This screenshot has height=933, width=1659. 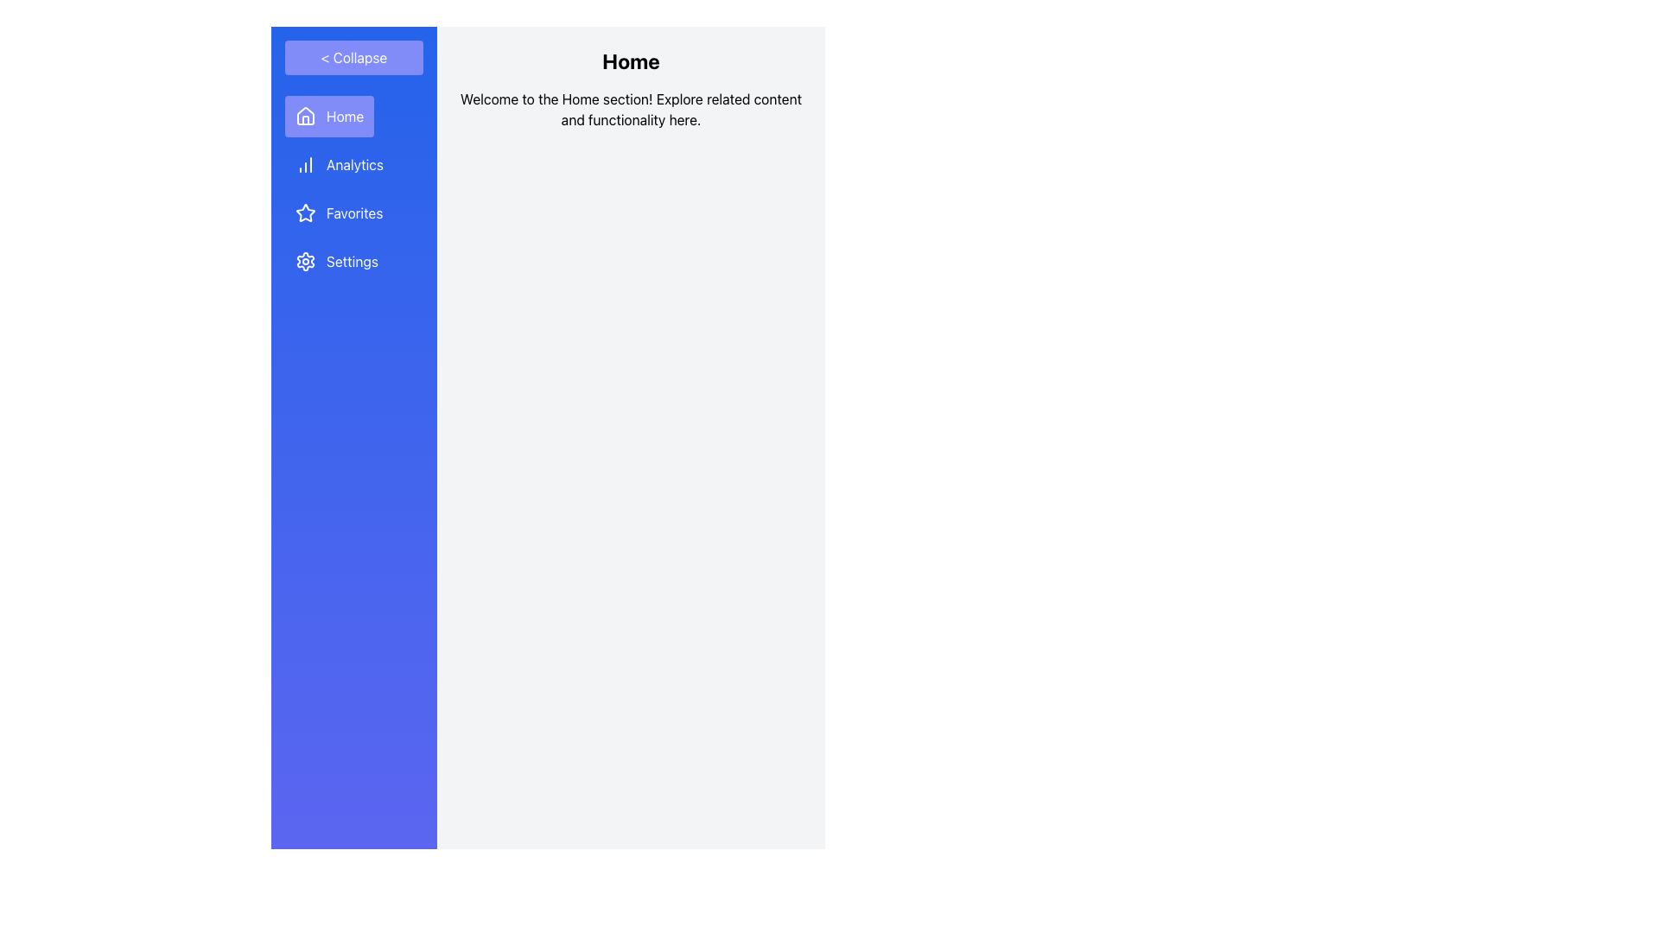 What do you see at coordinates (353, 212) in the screenshot?
I see `text label that says 'Favorites', located in the vertical menu of the blue sidebar, positioned below 'Analytics' and above 'Settings', with a star icon to its left` at bounding box center [353, 212].